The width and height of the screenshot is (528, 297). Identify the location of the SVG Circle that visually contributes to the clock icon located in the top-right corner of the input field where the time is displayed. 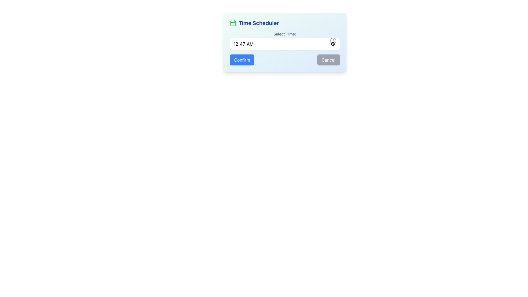
(333, 40).